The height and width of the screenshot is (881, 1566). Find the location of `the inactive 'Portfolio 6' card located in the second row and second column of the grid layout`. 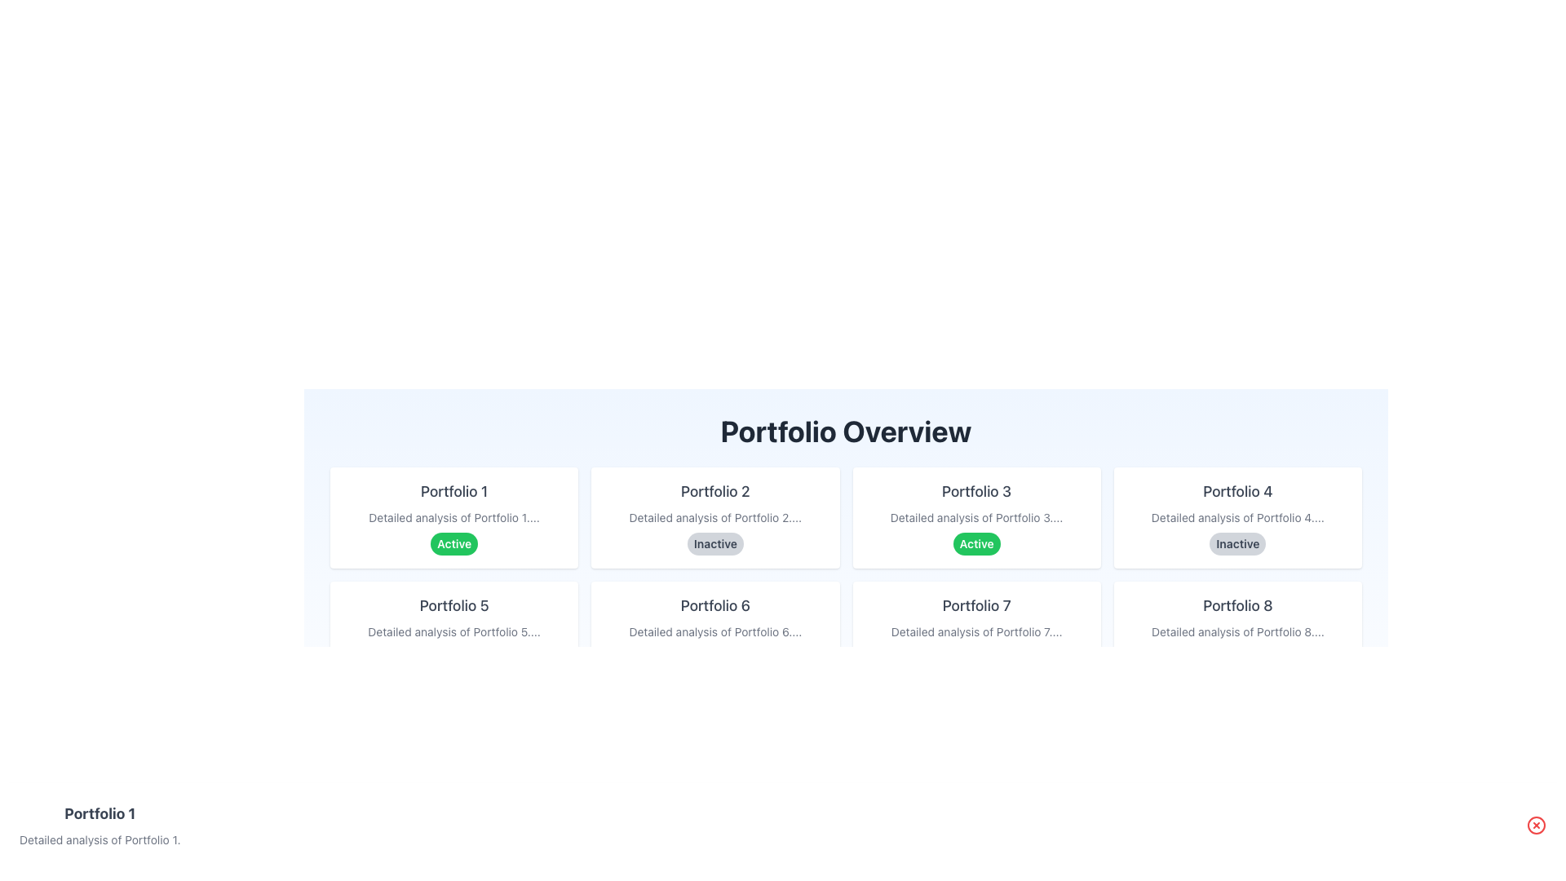

the inactive 'Portfolio 6' card located in the second row and second column of the grid layout is located at coordinates (715, 631).